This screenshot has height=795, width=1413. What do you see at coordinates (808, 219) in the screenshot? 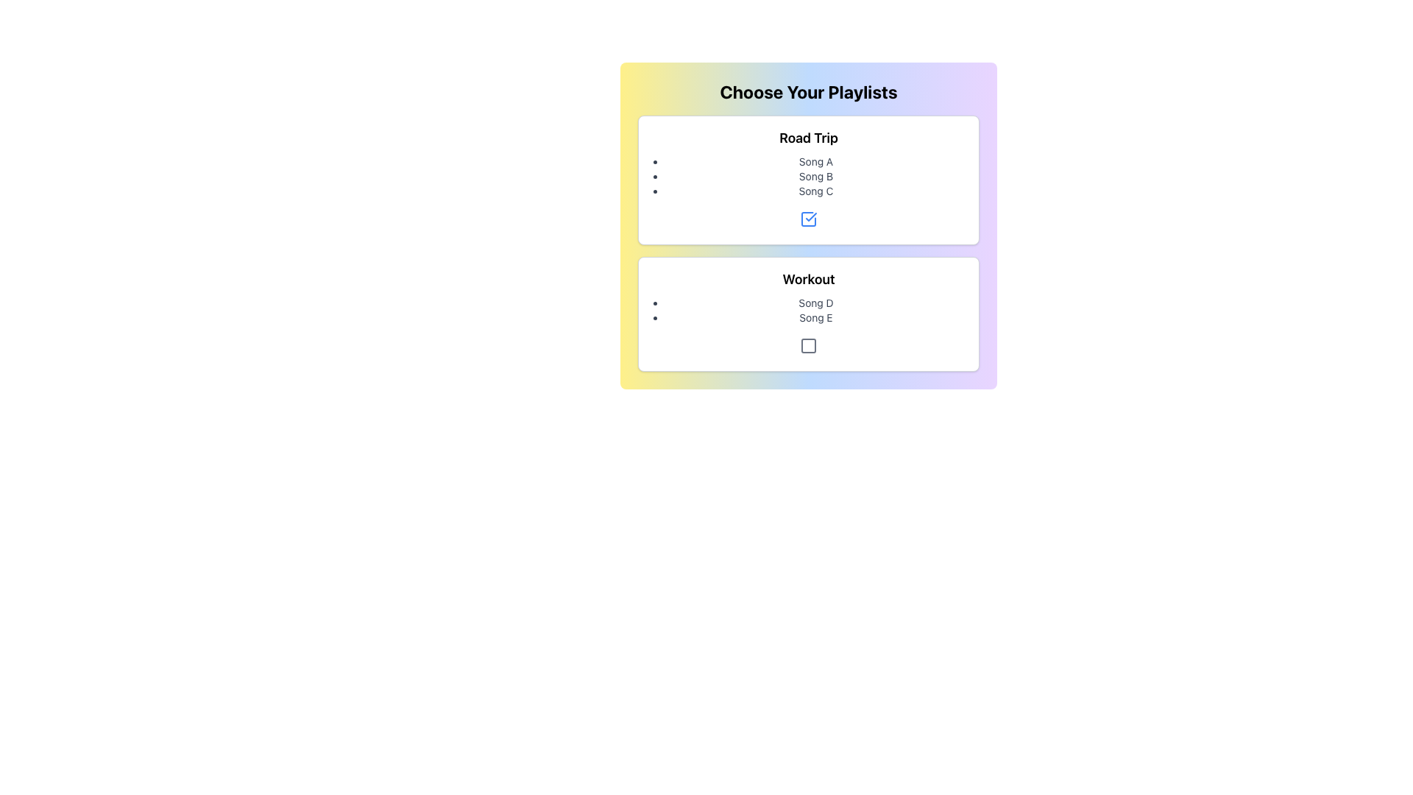
I see `the blue checkbox with a checkmark inside` at bounding box center [808, 219].